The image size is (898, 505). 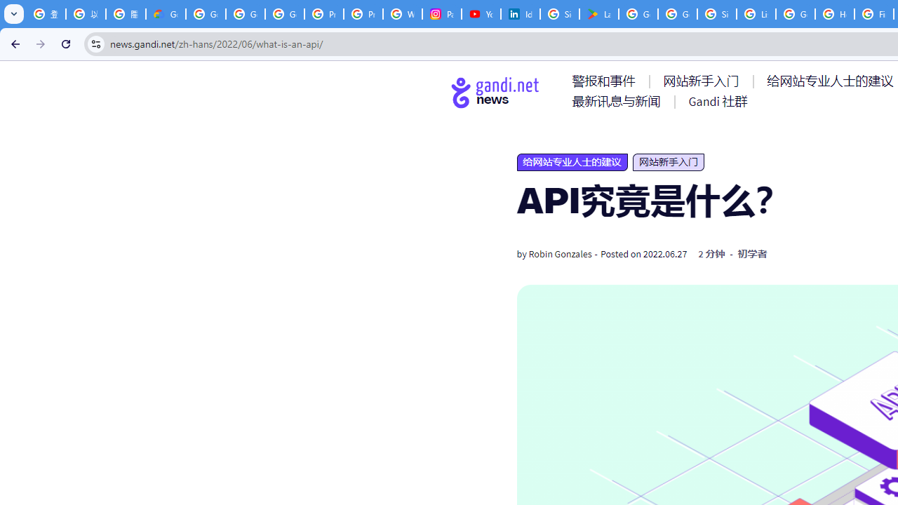 What do you see at coordinates (323, 14) in the screenshot?
I see `'Privacy Help Center - Policies Help'` at bounding box center [323, 14].